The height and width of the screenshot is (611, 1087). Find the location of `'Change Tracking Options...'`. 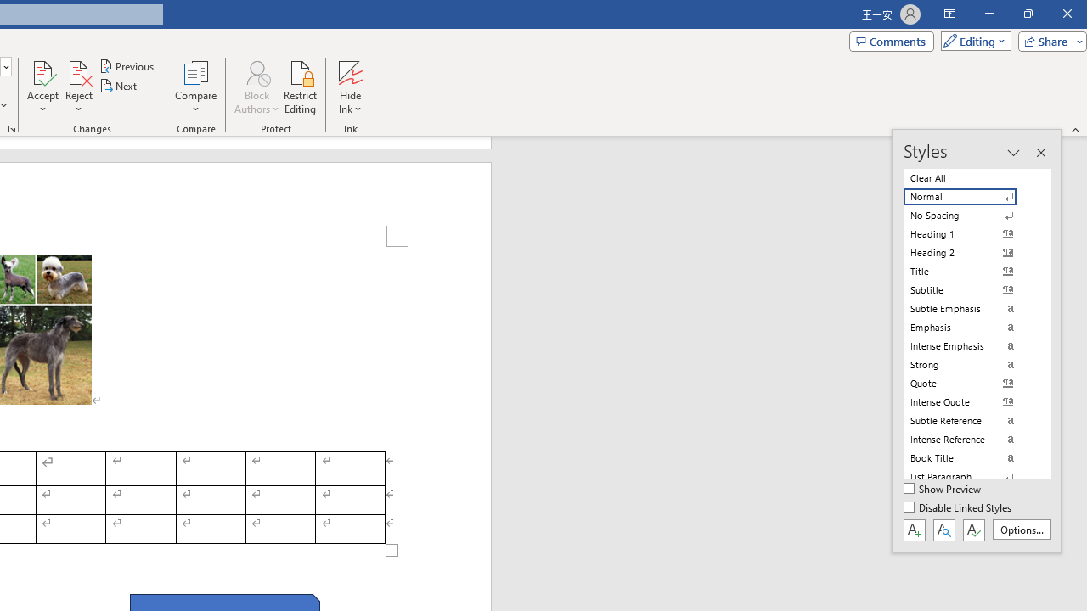

'Change Tracking Options...' is located at coordinates (12, 127).